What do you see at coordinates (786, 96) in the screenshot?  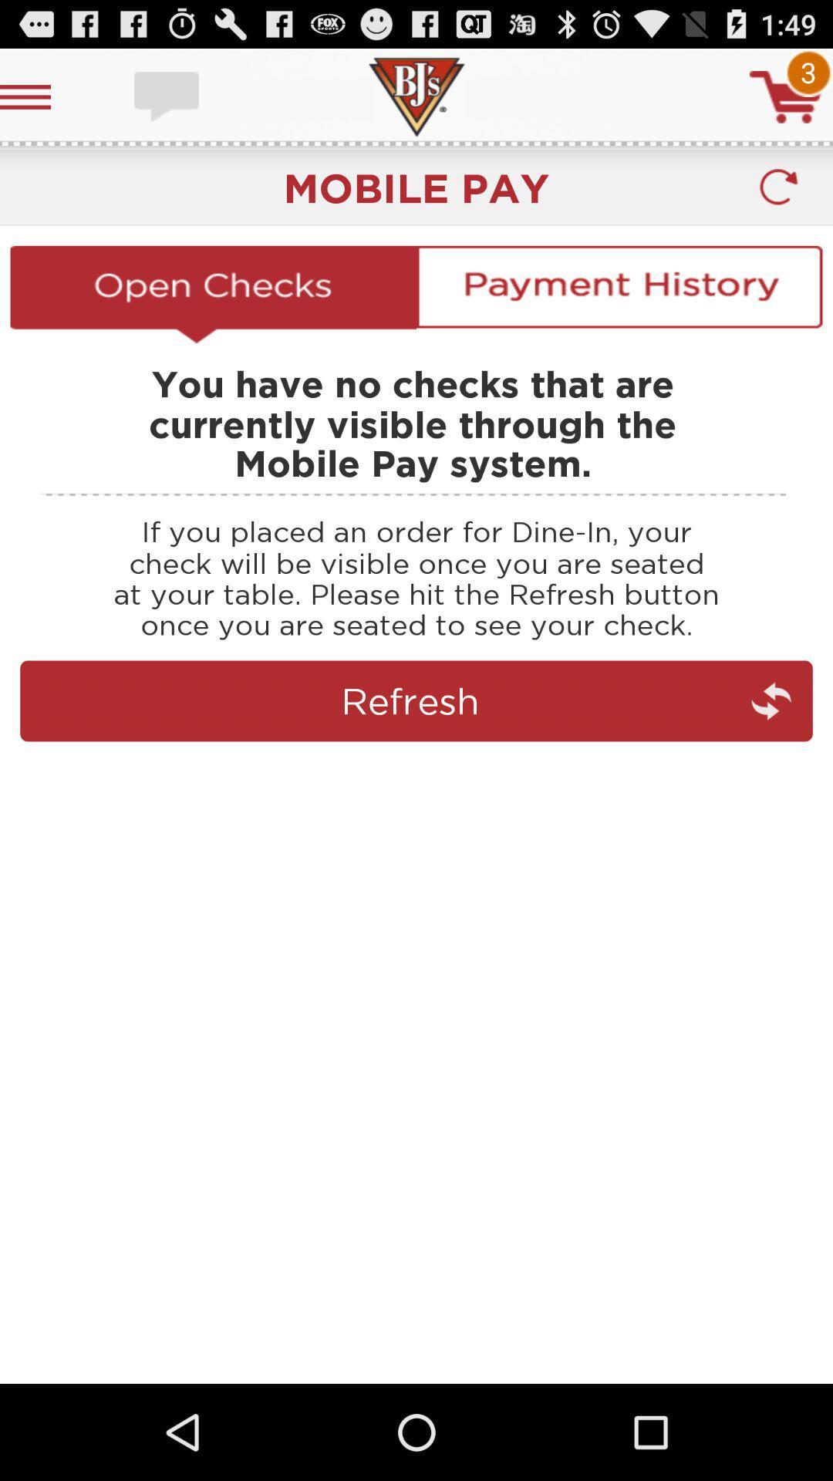 I see `shopping cart` at bounding box center [786, 96].